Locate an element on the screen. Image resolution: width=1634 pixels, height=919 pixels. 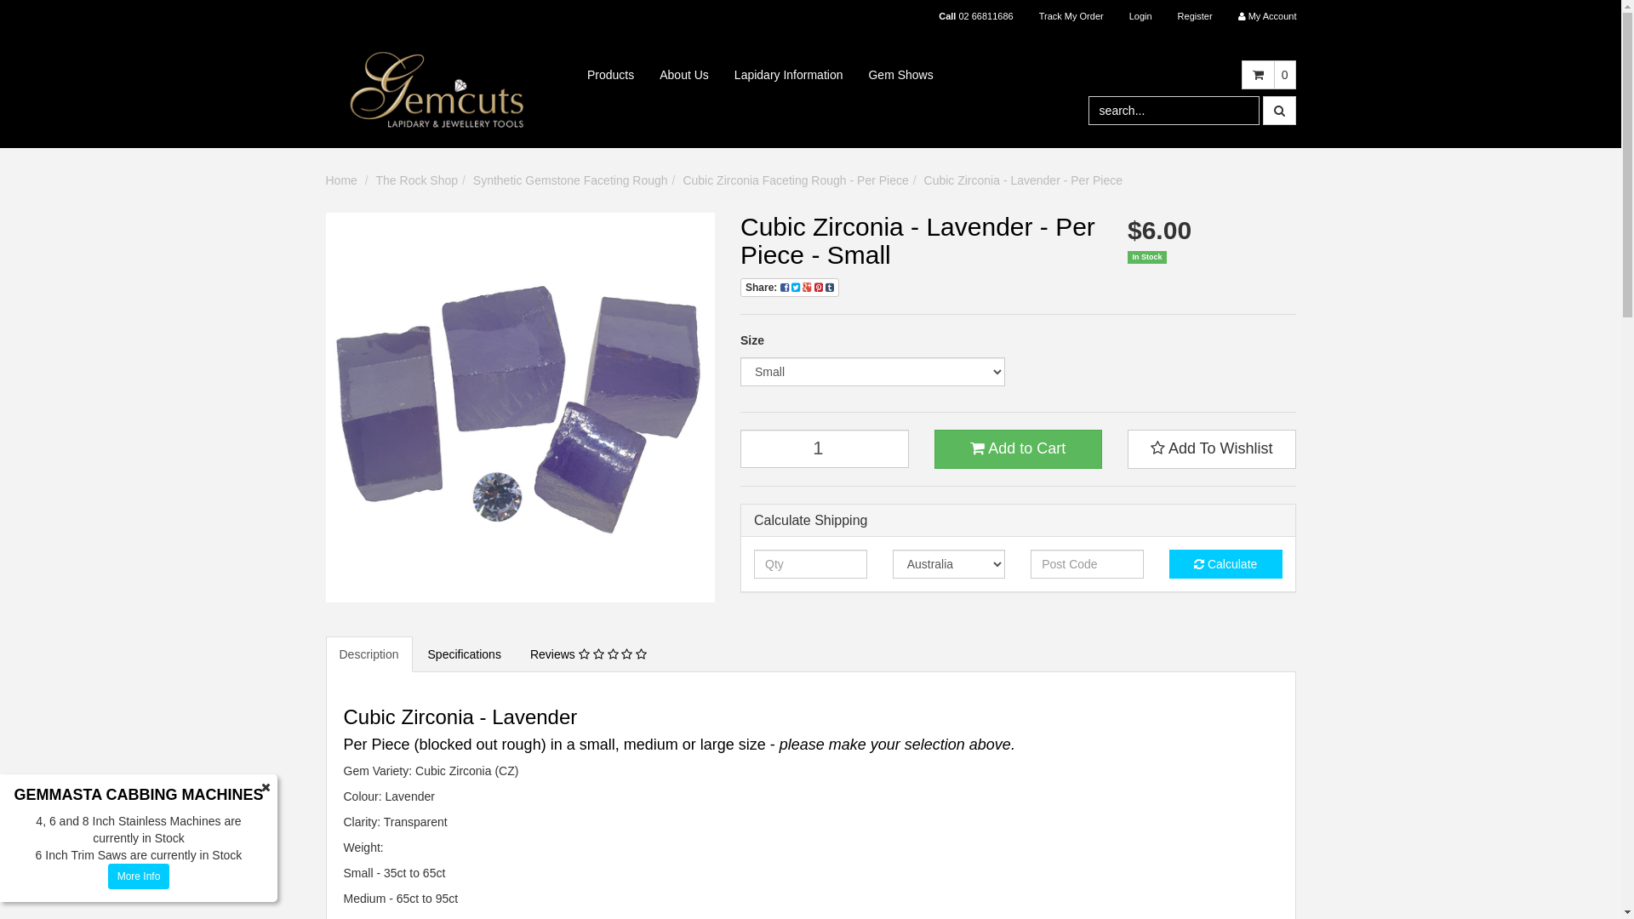
'Register' is located at coordinates (1194, 16).